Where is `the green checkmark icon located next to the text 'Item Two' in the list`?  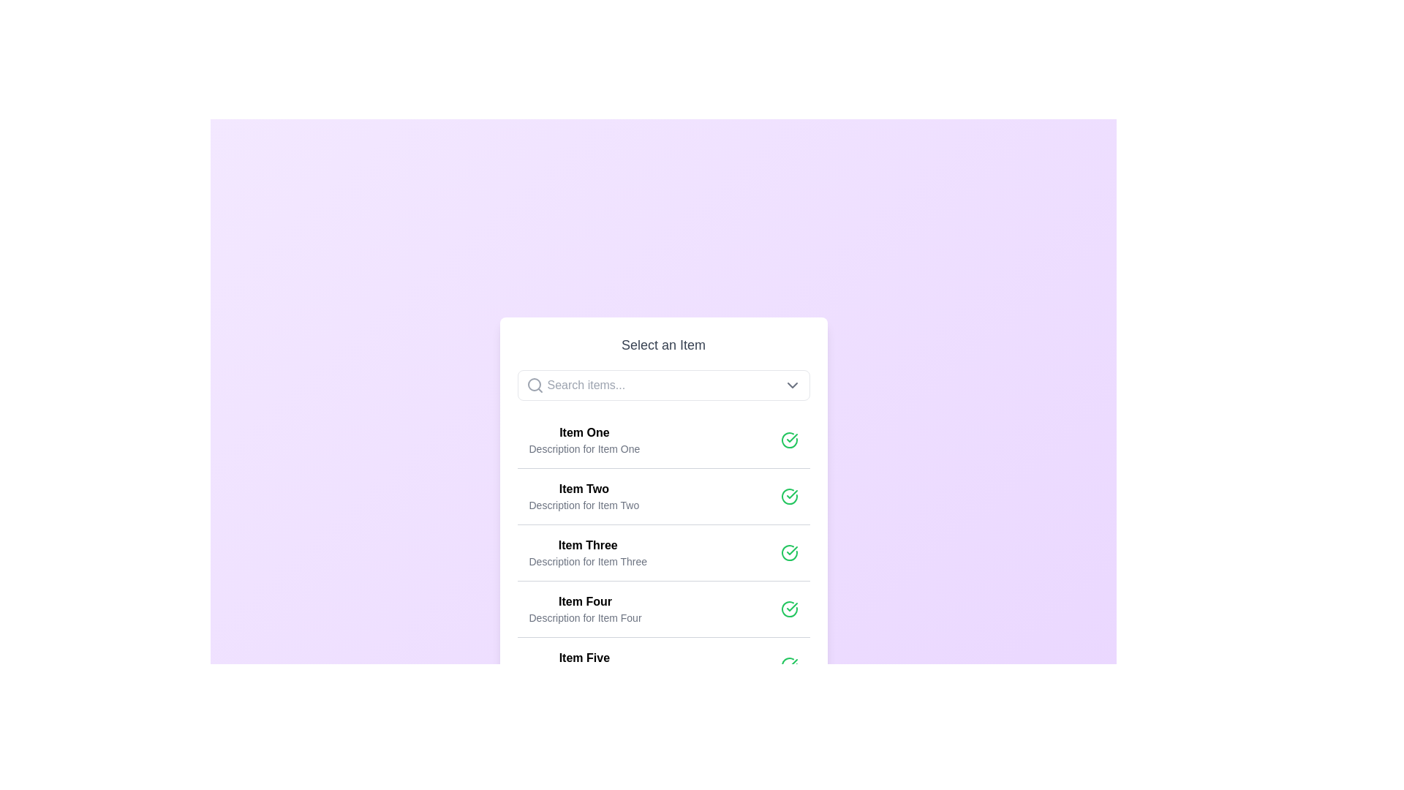 the green checkmark icon located next to the text 'Item Two' in the list is located at coordinates (791, 437).